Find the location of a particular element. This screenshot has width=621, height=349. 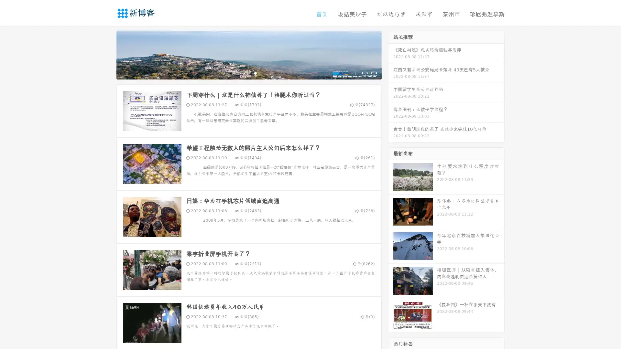

Next slide is located at coordinates (391, 54).